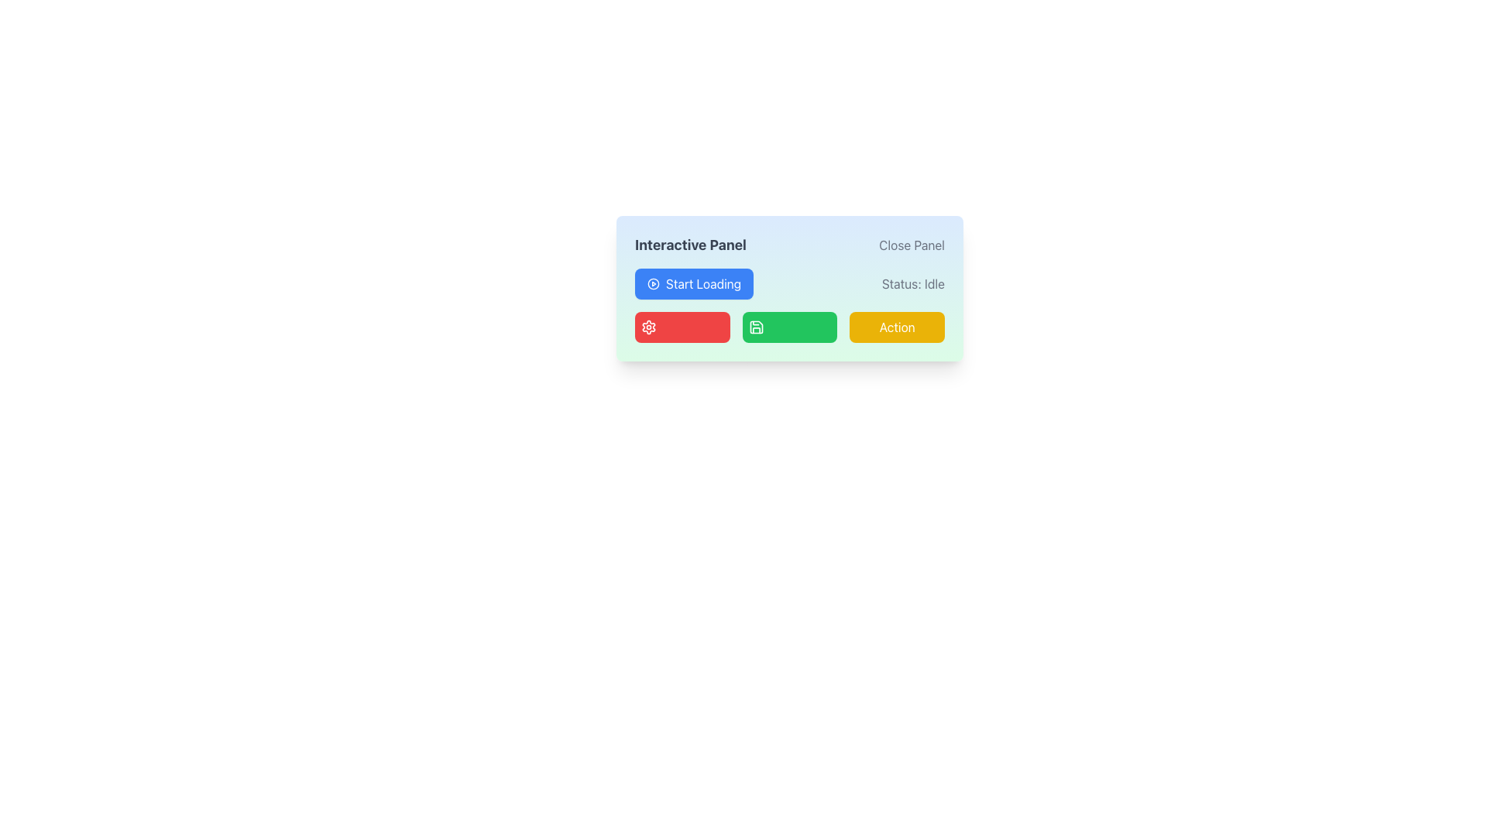 The image size is (1487, 836). What do you see at coordinates (682, 327) in the screenshot?
I see `the leftmost 'Settings' button in the 'Interactive Panel'` at bounding box center [682, 327].